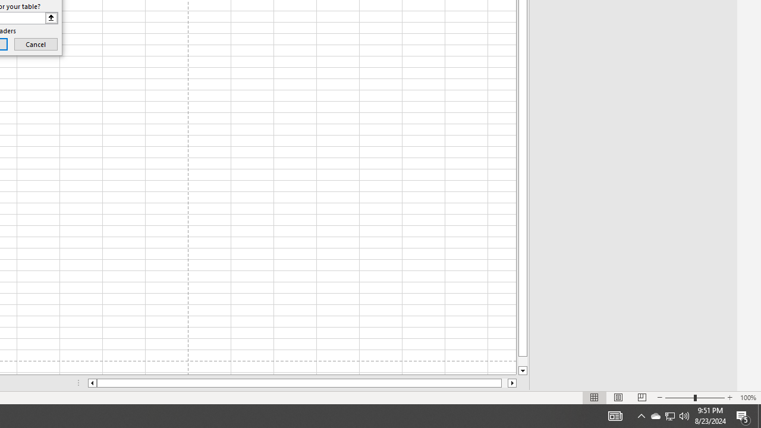 This screenshot has height=428, width=761. Describe the element at coordinates (523, 370) in the screenshot. I see `'Line down'` at that location.